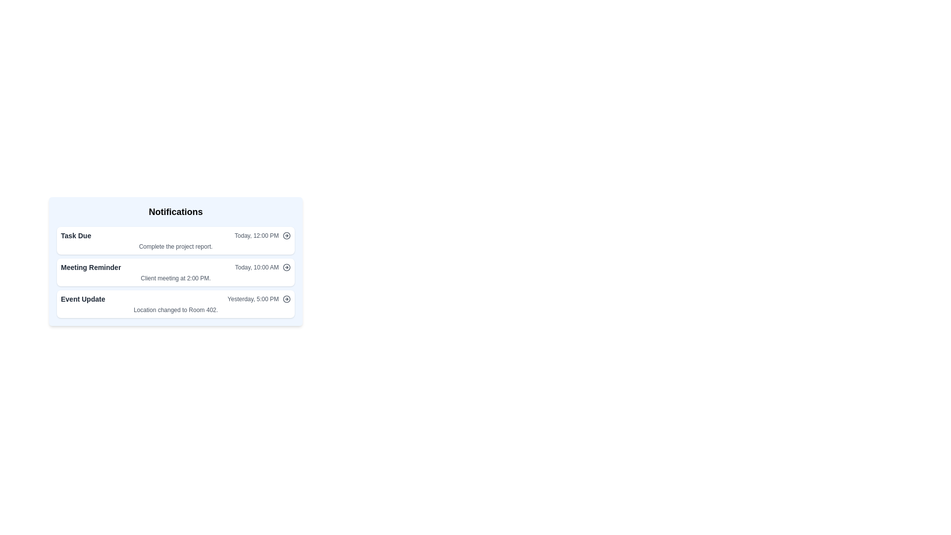 The height and width of the screenshot is (535, 951). Describe the element at coordinates (257, 235) in the screenshot. I see `the text label displaying 'Today, 12:00 PM' which is located in the rightmost part of the 'Task Due' row in the notification card` at that location.